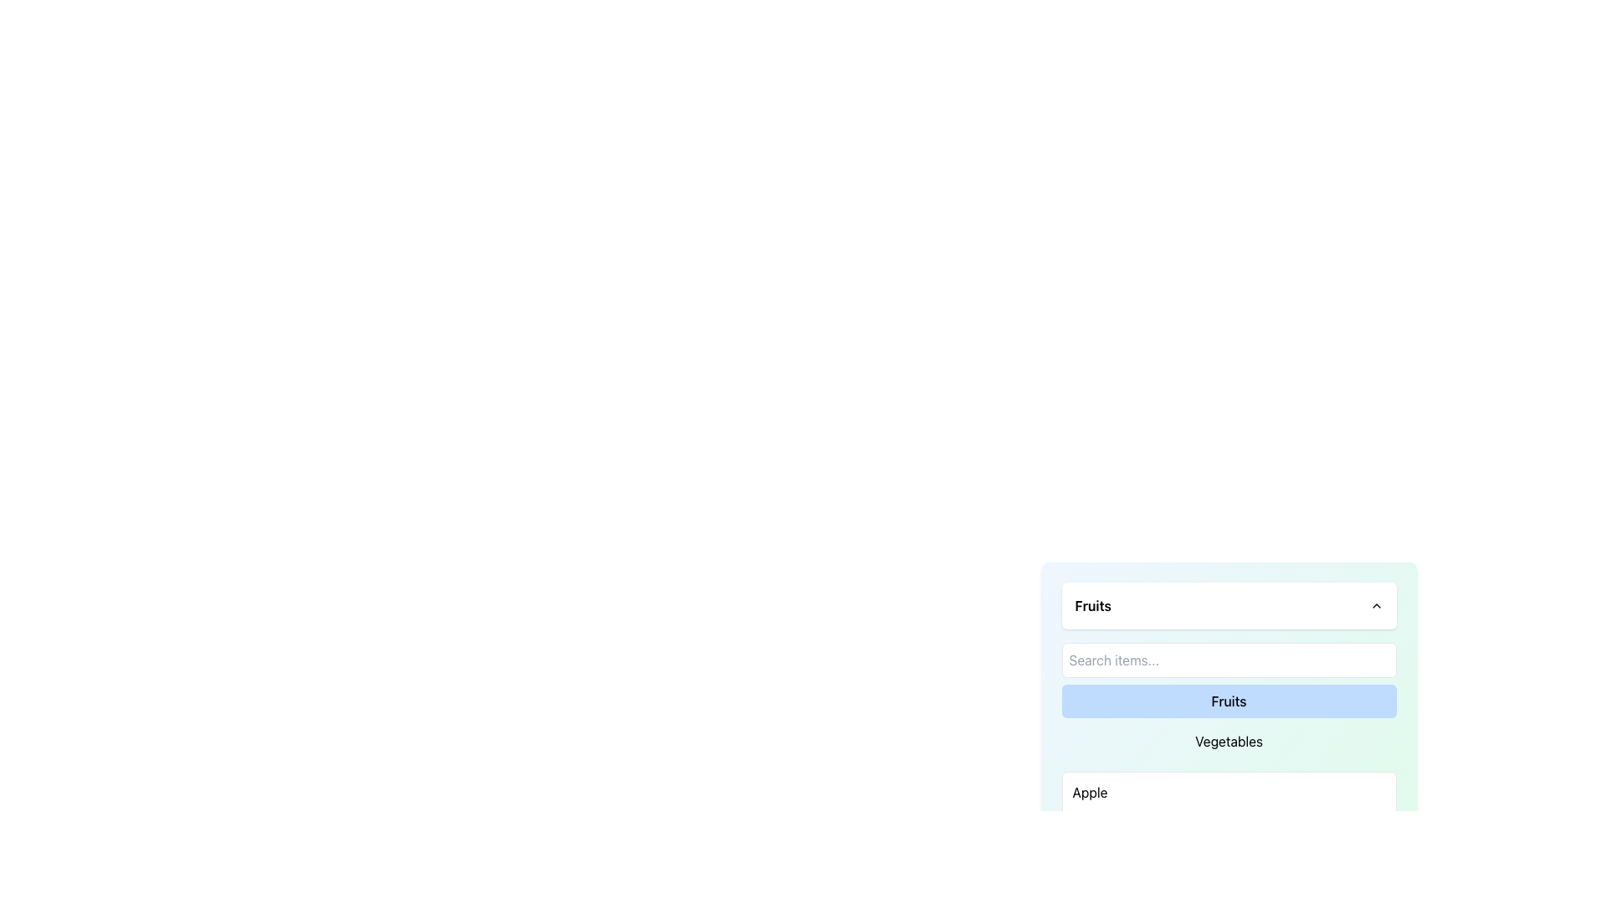  What do you see at coordinates (1229, 741) in the screenshot?
I see `the 'Vegetables' text label, which is the second item in the dropdown menu located below 'Fruits'` at bounding box center [1229, 741].